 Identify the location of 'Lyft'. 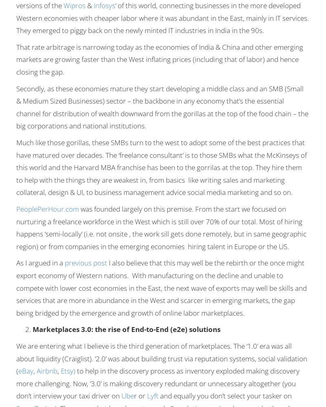
(152, 395).